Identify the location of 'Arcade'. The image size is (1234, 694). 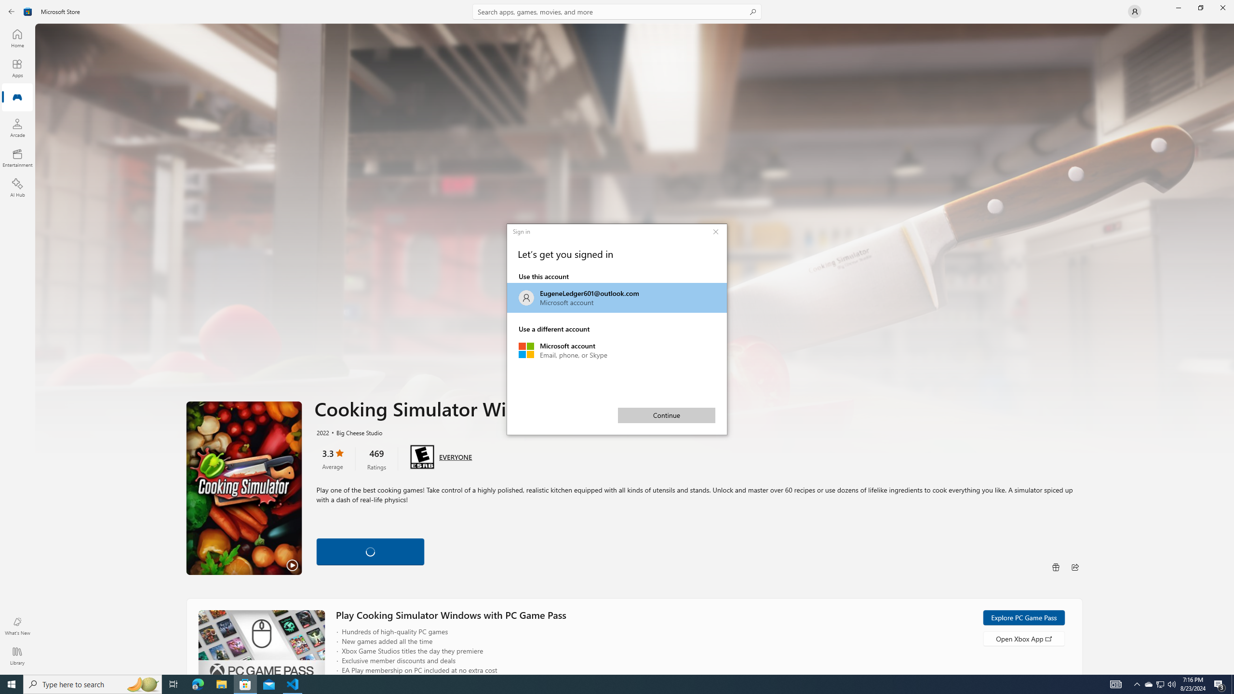
(16, 127).